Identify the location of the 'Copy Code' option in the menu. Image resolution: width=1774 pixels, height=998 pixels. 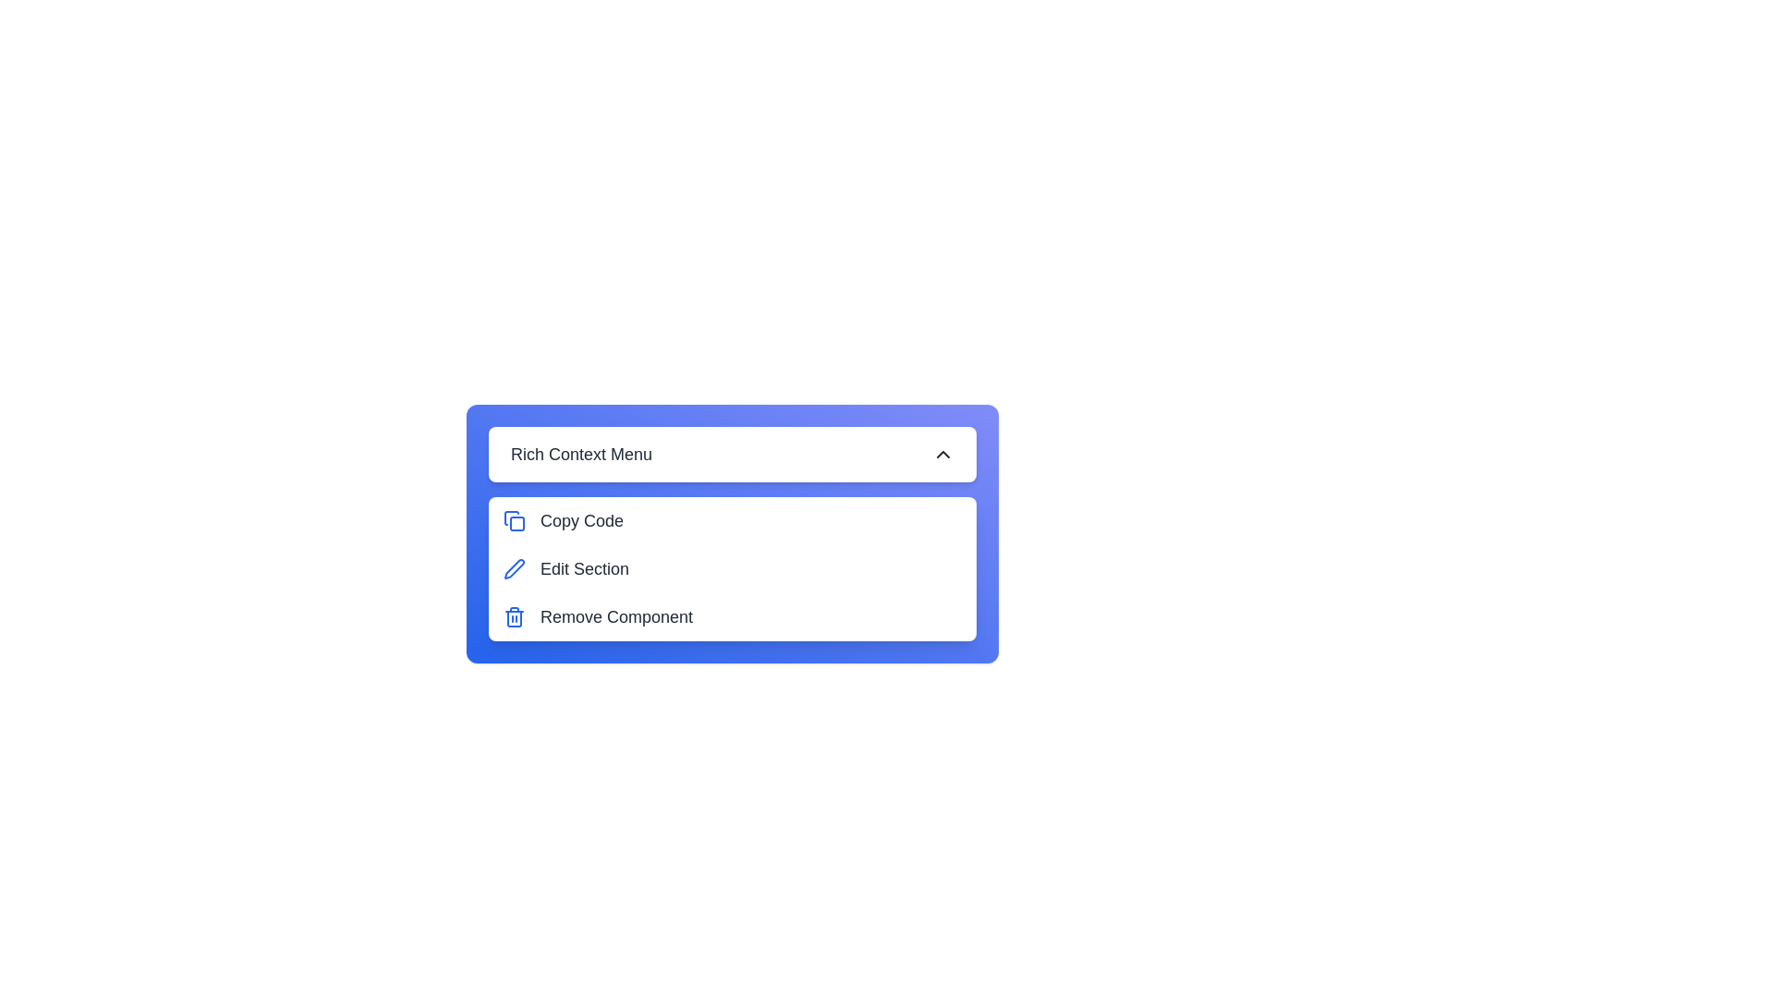
(731, 520).